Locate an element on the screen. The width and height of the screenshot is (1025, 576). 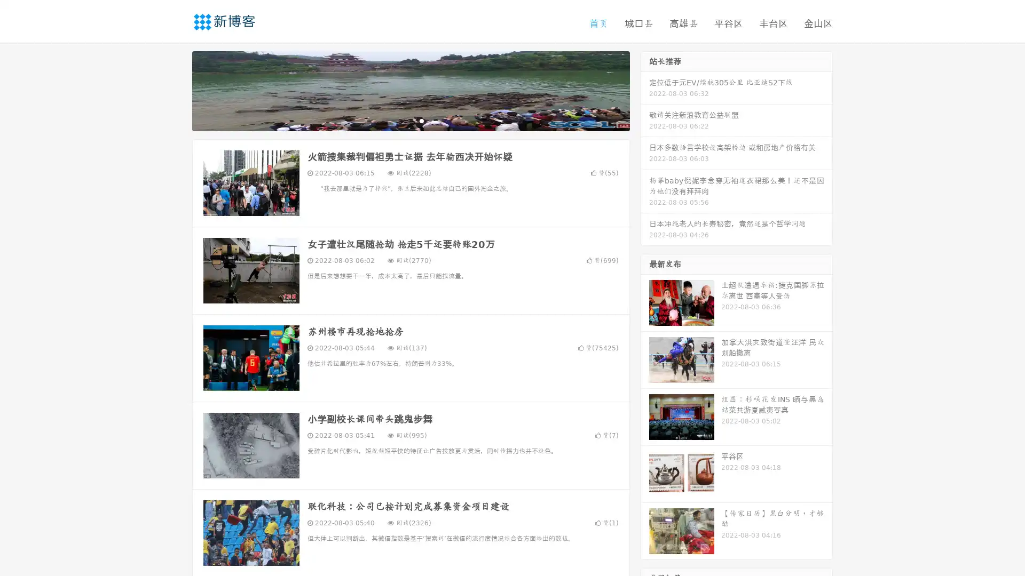
Next slide is located at coordinates (645, 90).